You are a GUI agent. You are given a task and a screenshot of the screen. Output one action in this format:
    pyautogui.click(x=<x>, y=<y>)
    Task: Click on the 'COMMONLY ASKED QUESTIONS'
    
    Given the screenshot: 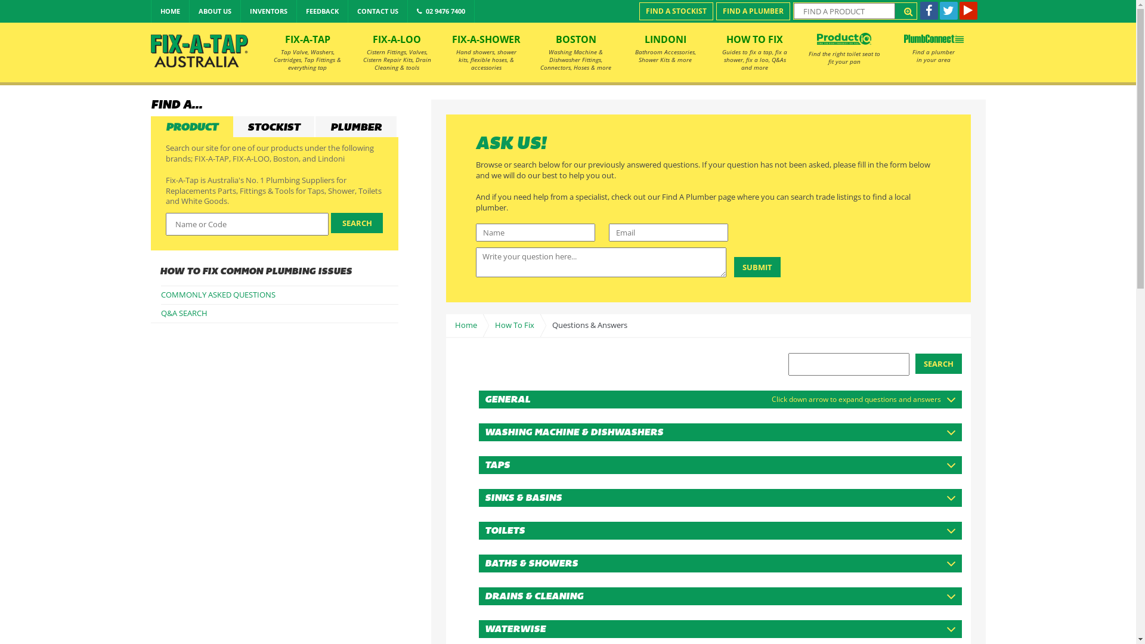 What is the action you would take?
    pyautogui.click(x=279, y=295)
    